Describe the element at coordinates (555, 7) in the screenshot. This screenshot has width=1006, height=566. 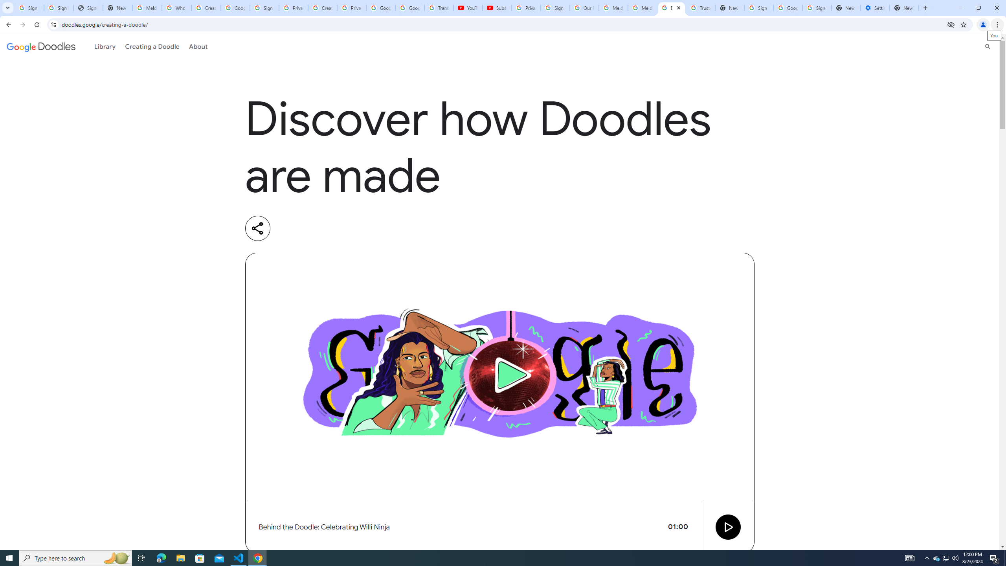
I see `'Sign in - Google Accounts'` at that location.